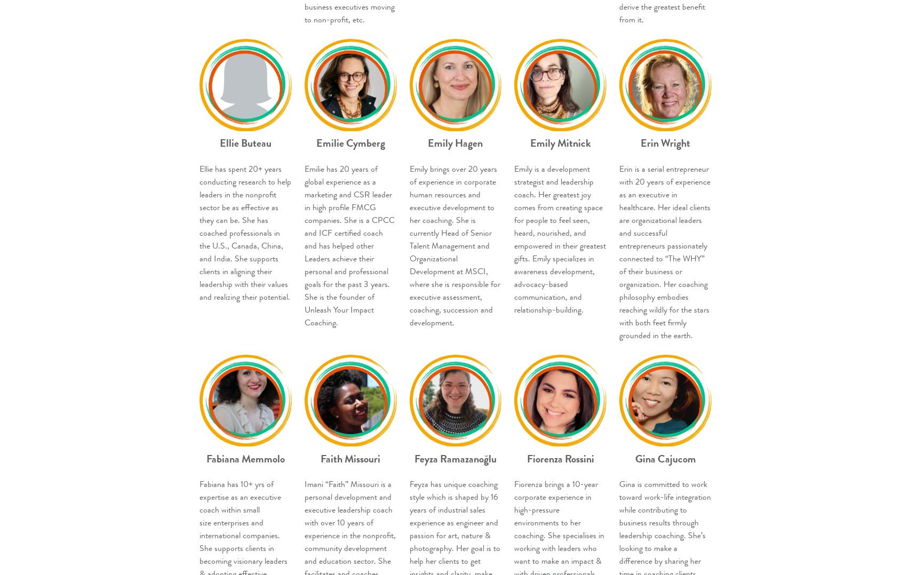  Describe the element at coordinates (315, 142) in the screenshot. I see `'Emilie Cymberg'` at that location.